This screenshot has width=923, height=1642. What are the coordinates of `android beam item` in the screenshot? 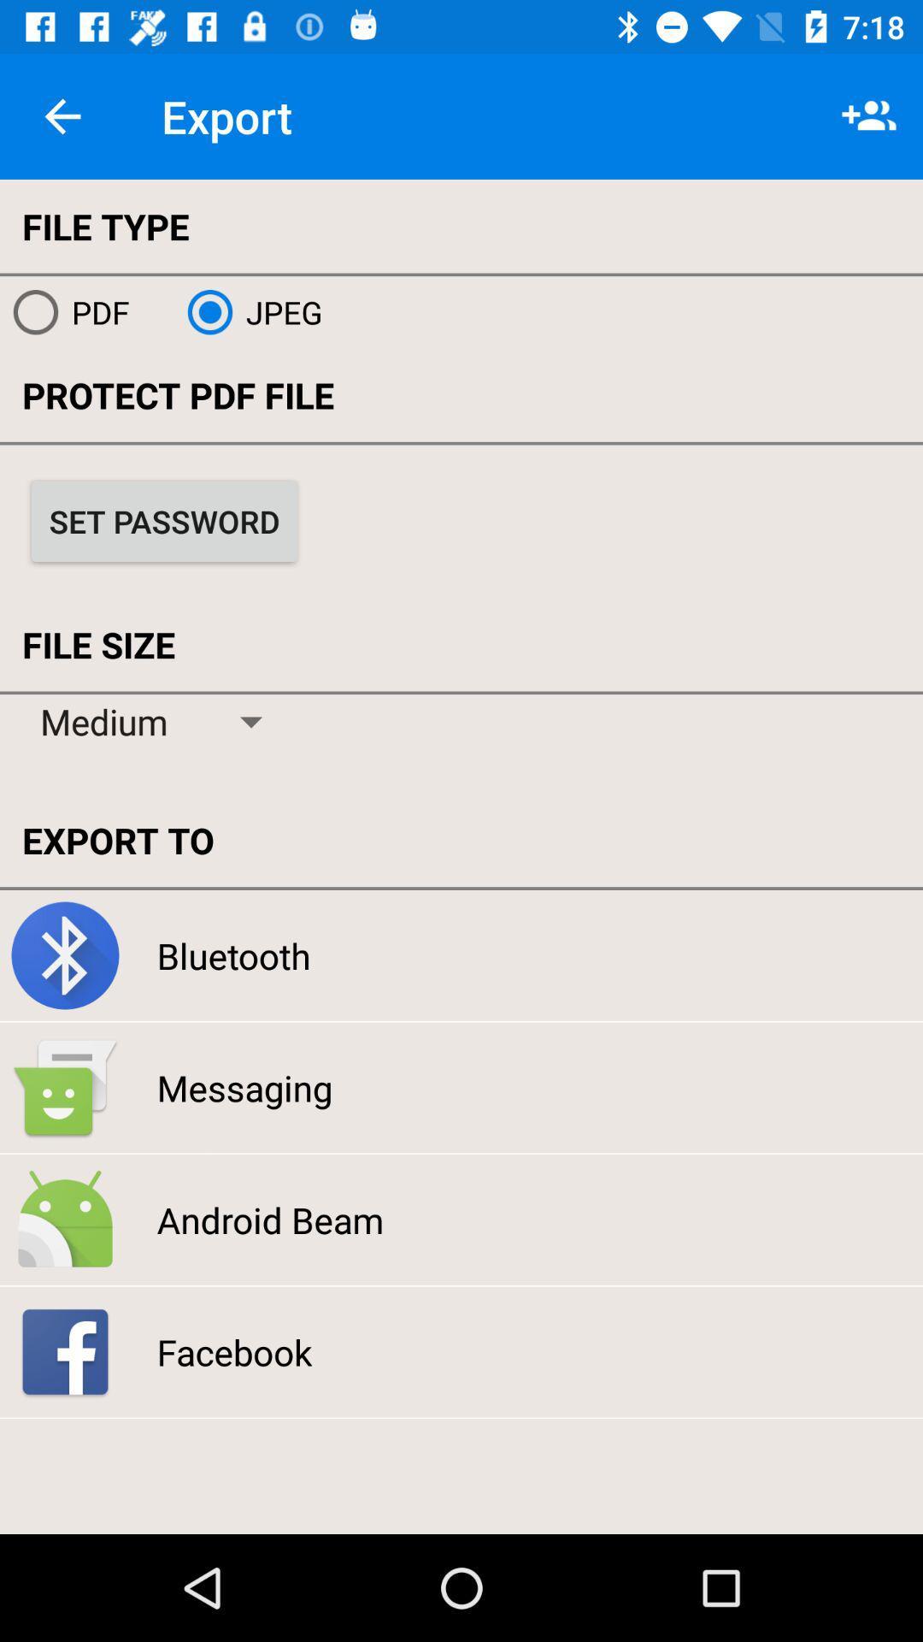 It's located at (269, 1219).